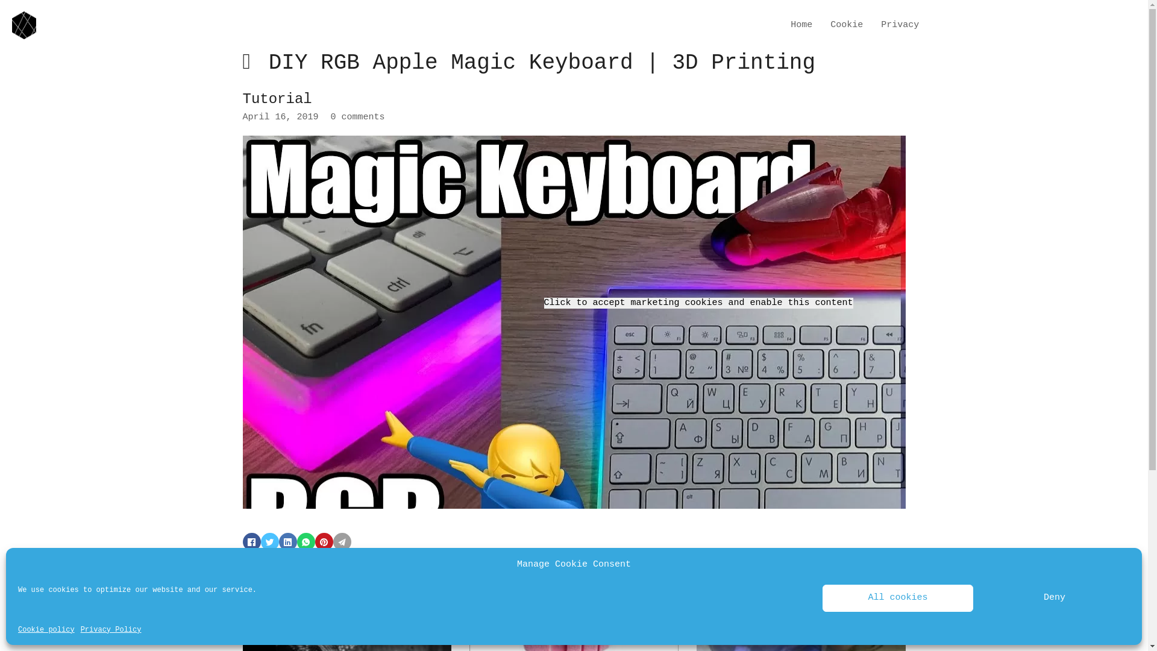 The height and width of the screenshot is (651, 1157). I want to click on 'All cookies', so click(821, 598).